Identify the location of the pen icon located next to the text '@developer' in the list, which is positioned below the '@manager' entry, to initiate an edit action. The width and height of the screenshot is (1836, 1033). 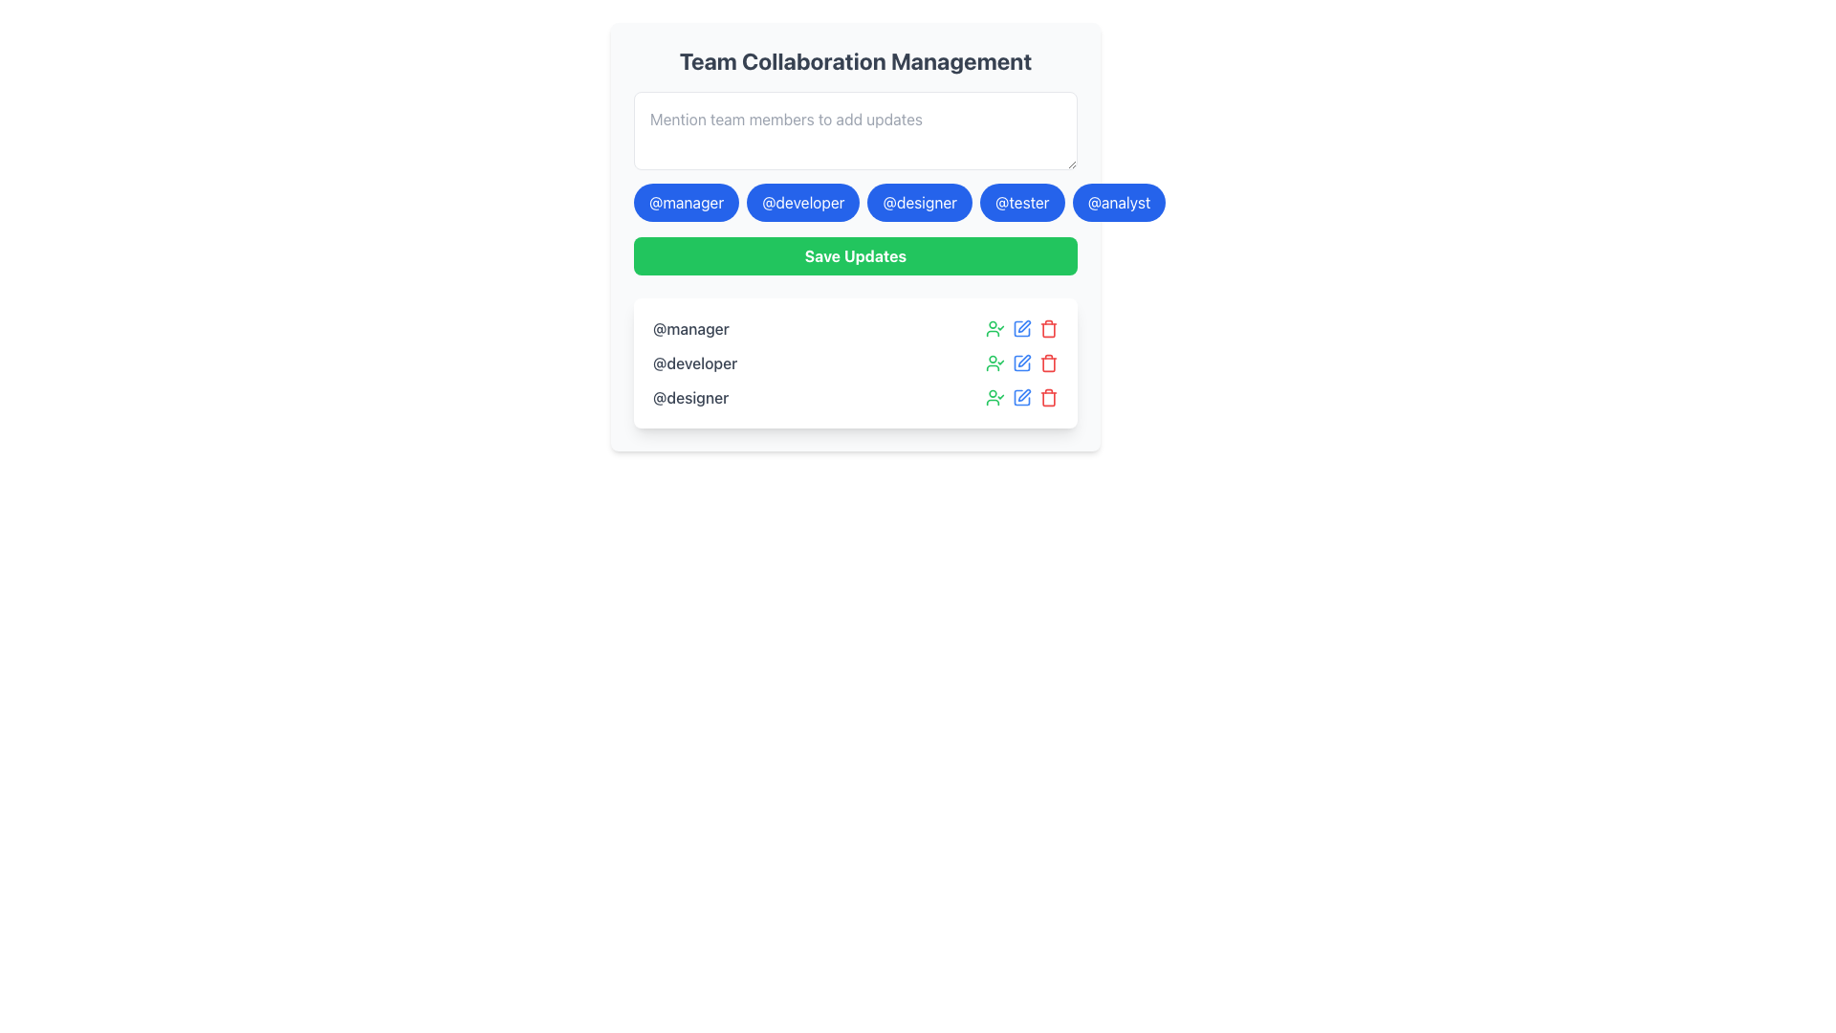
(1023, 361).